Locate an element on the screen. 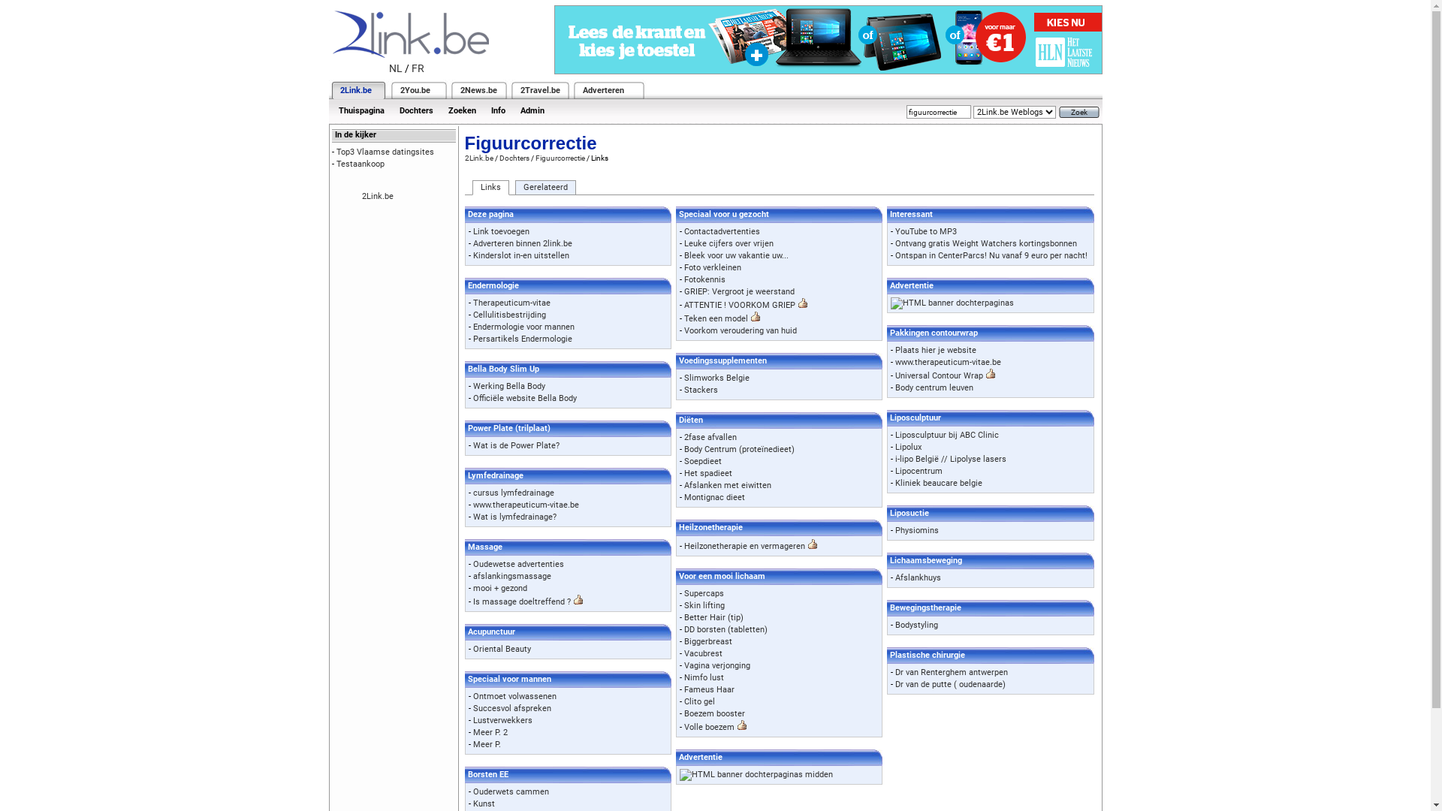 The height and width of the screenshot is (811, 1442). 'Bleek voor uw vakantie uw...' is located at coordinates (736, 255).